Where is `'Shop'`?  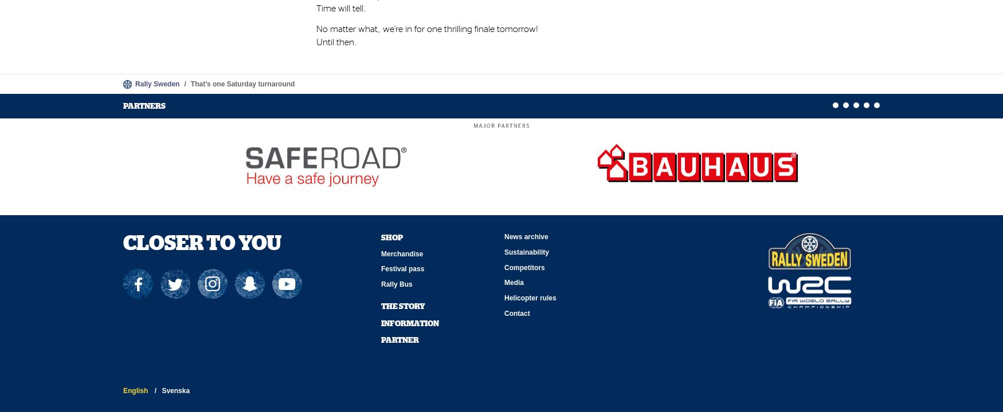
'Shop' is located at coordinates (391, 236).